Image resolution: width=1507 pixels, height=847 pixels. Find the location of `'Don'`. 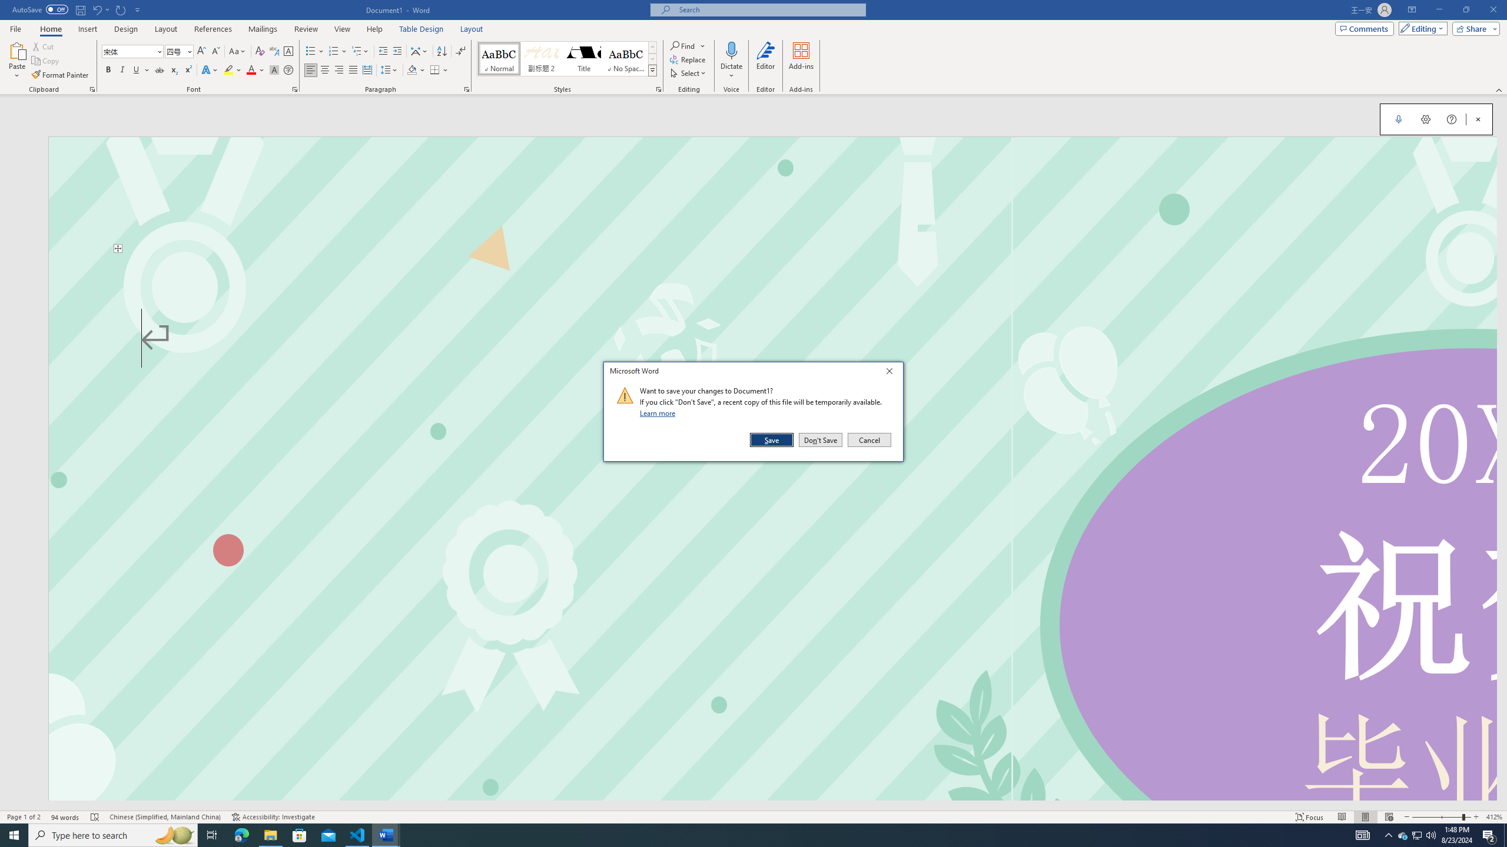

'Don' is located at coordinates (820, 439).